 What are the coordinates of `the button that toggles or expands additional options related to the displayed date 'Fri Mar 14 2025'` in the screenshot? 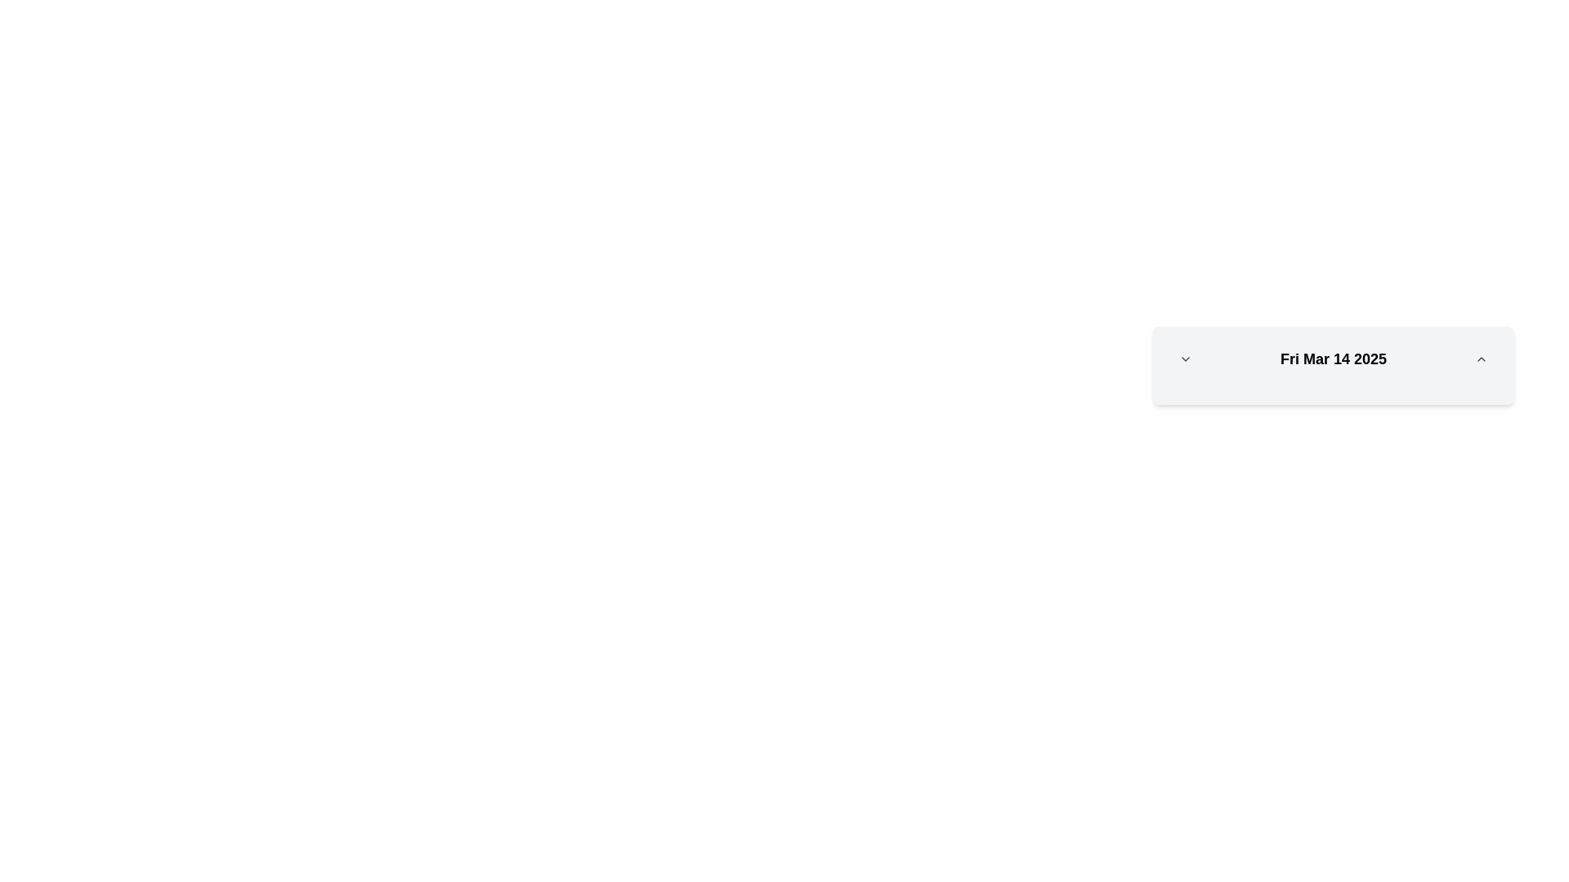 It's located at (1185, 358).